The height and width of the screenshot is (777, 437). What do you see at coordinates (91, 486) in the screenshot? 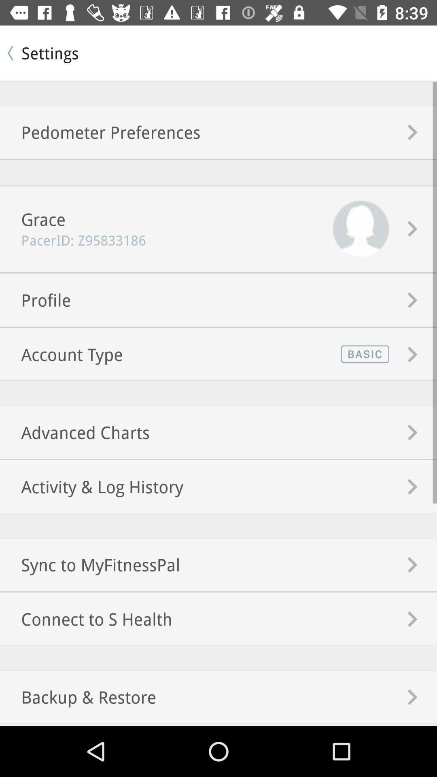
I see `the icon below the advanced charts` at bounding box center [91, 486].